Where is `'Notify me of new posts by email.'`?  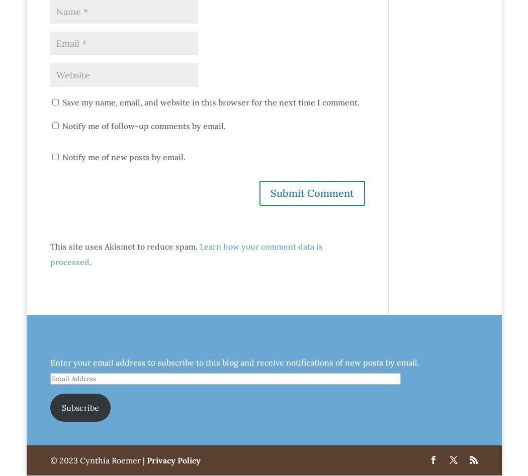
'Notify me of new posts by email.' is located at coordinates (123, 157).